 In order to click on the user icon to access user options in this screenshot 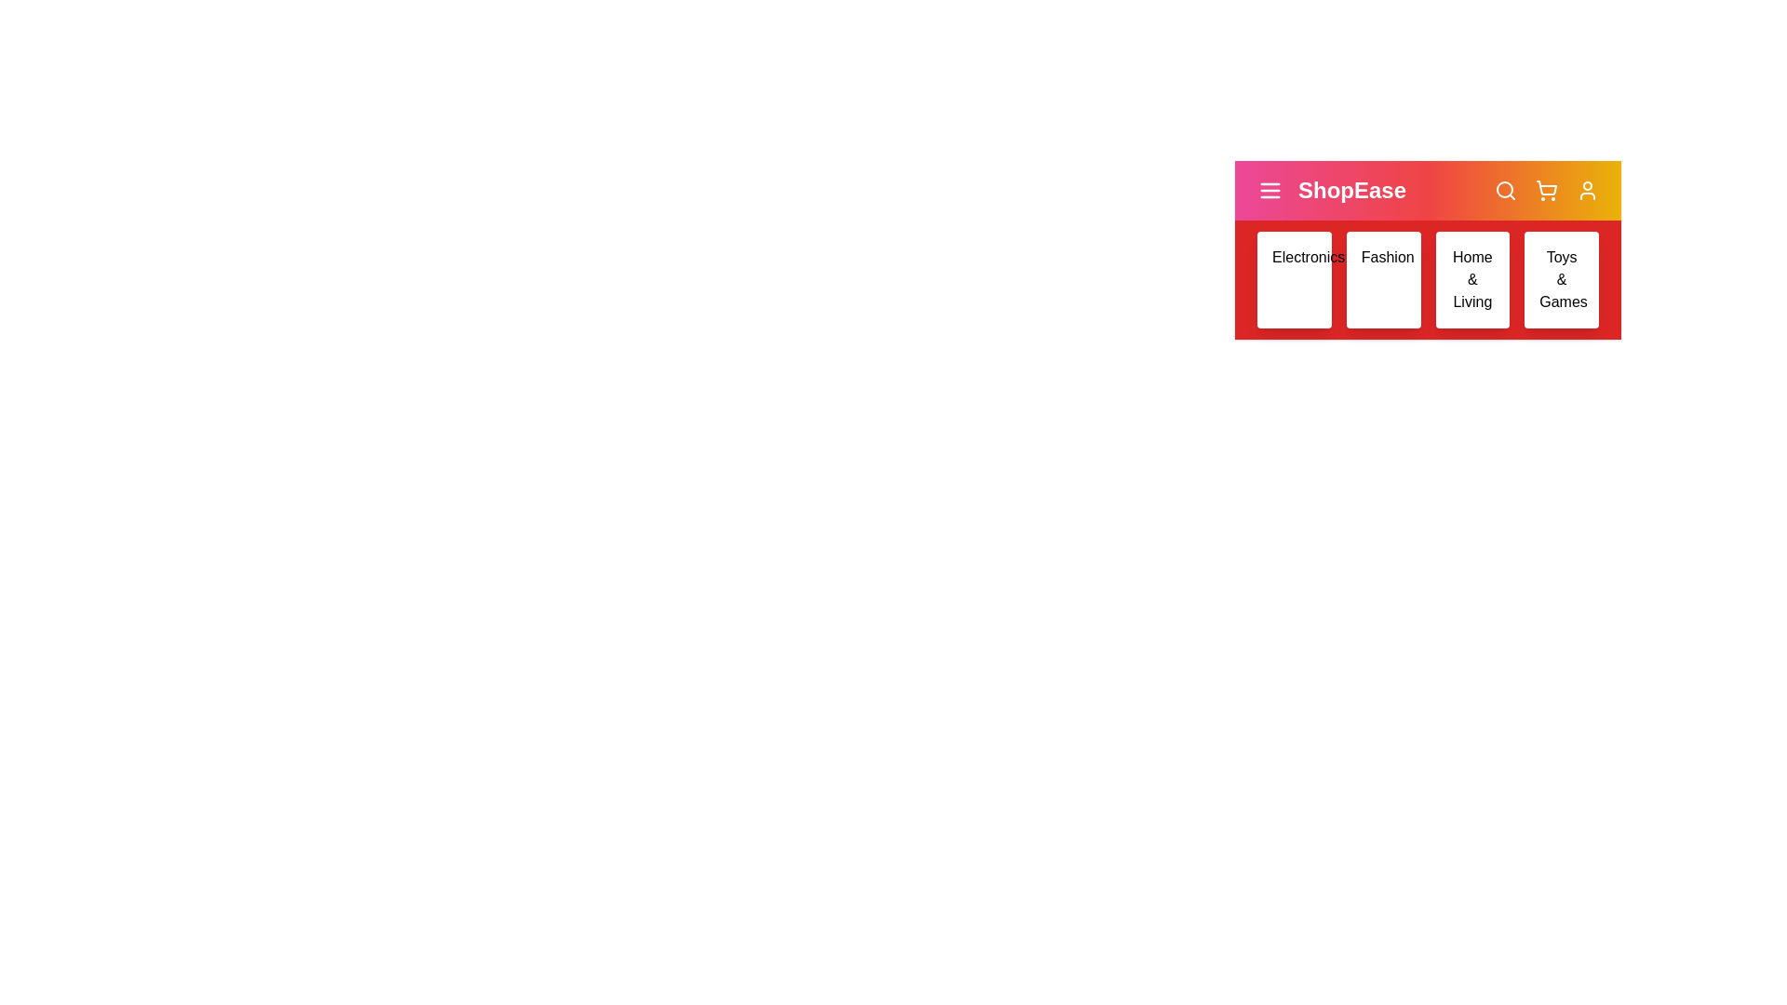, I will do `click(1586, 190)`.